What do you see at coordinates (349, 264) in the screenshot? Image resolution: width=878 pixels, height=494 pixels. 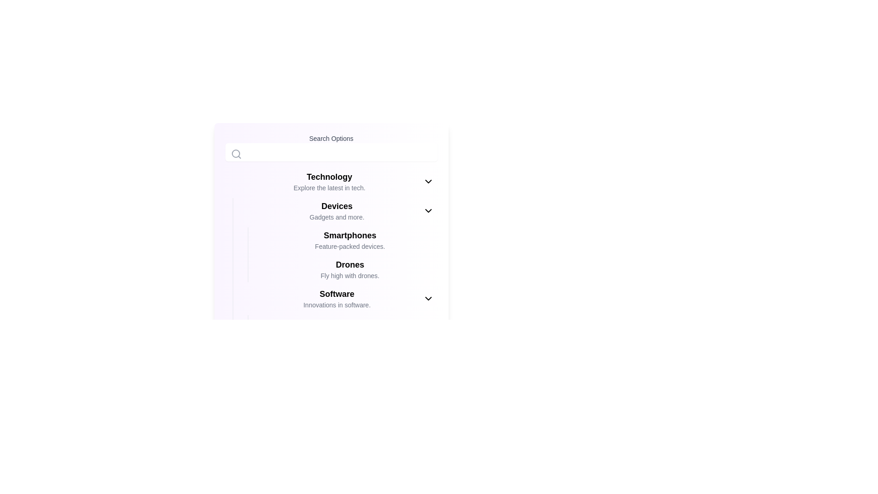 I see `the static text header displaying 'Drones', which is styled prominently in bold and medium-large font size, located between the sections 'Smartphones' and 'Software'` at bounding box center [349, 264].